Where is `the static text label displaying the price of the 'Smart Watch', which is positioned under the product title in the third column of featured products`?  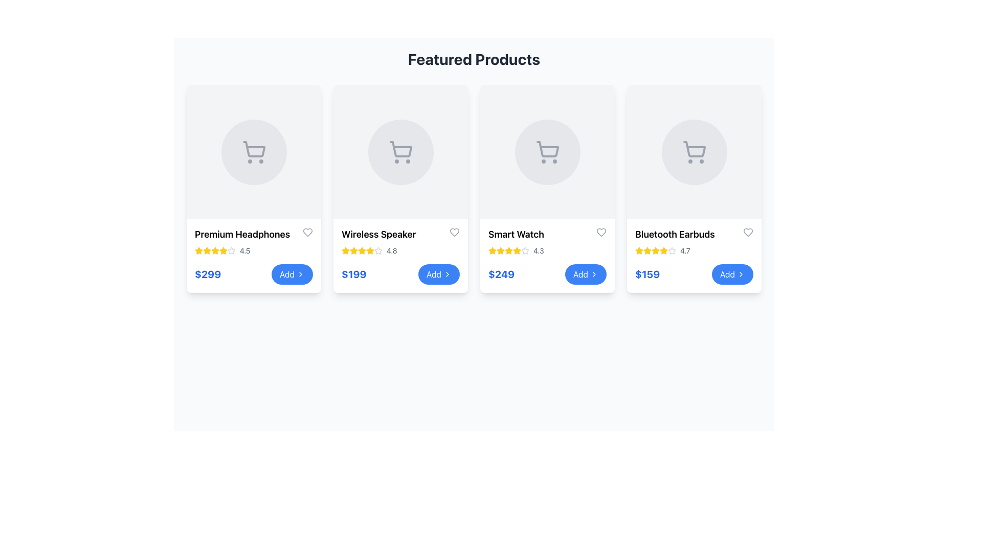 the static text label displaying the price of the 'Smart Watch', which is positioned under the product title in the third column of featured products is located at coordinates (501, 273).